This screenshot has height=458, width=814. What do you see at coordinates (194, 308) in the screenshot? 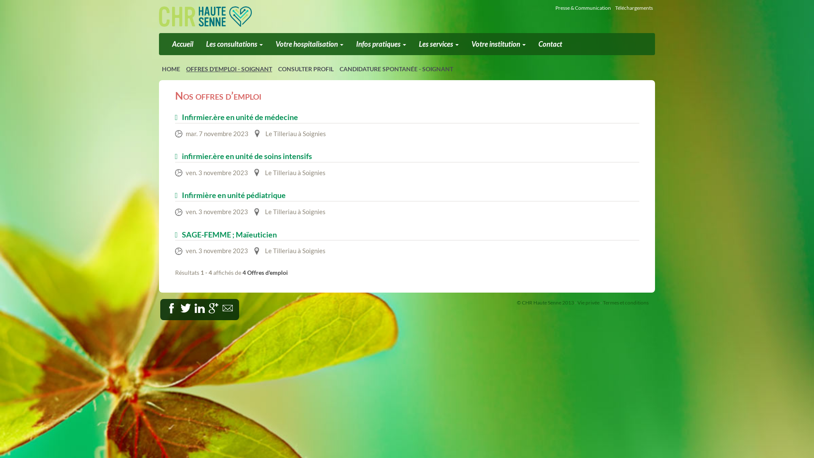
I see `'LinkedIn'` at bounding box center [194, 308].